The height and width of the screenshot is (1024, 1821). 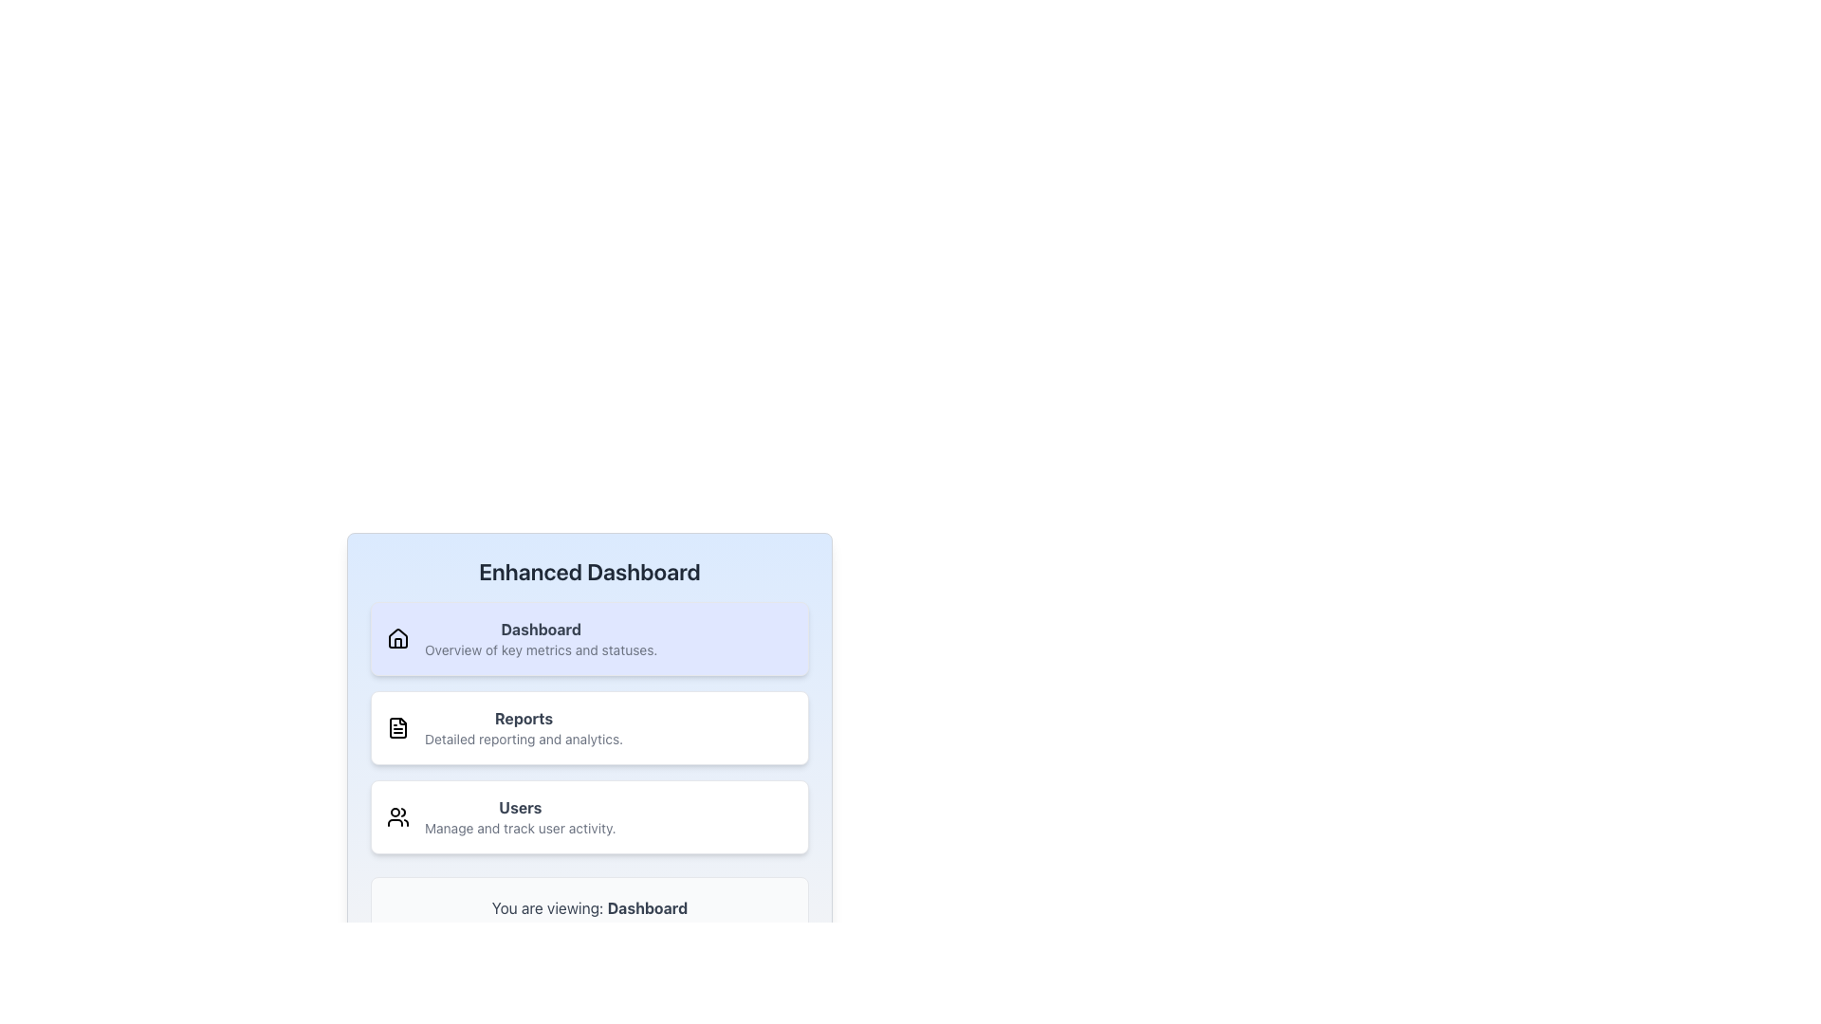 I want to click on the representation of the 'Users' menu icon, which is positioned on the left side of the card titled 'Users' in the Enhanced Dashboard, so click(x=397, y=815).